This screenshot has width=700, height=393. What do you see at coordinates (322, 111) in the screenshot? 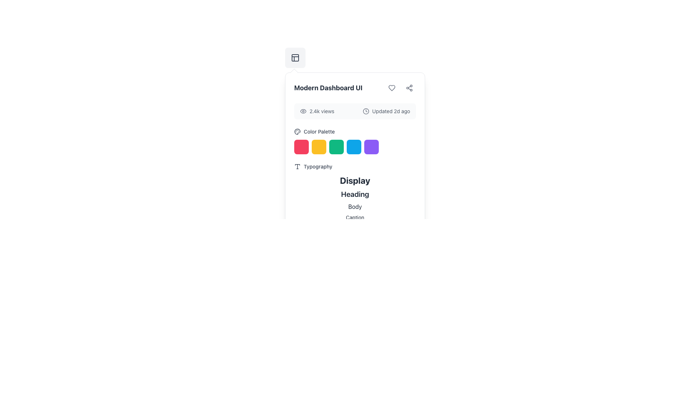
I see `text label displaying '2.4k views', which is styled in gray and positioned next to an eye icon` at bounding box center [322, 111].